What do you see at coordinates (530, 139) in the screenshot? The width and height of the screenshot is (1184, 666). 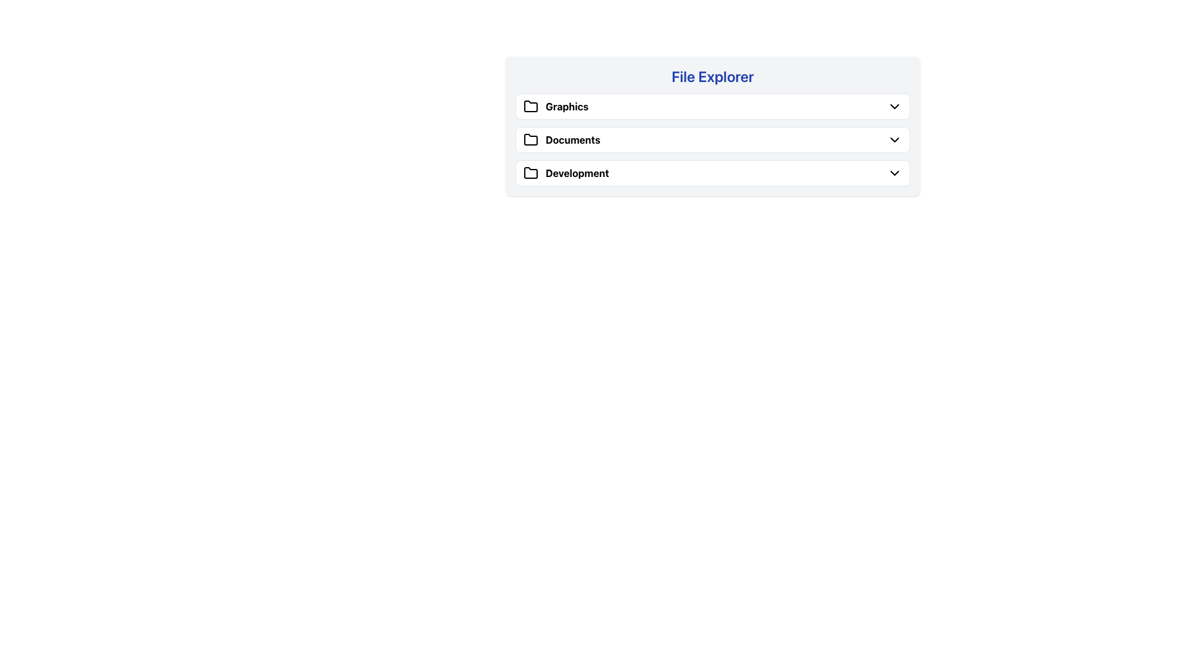 I see `the folder icon located in the 'Documents' row of the file explorer interface` at bounding box center [530, 139].